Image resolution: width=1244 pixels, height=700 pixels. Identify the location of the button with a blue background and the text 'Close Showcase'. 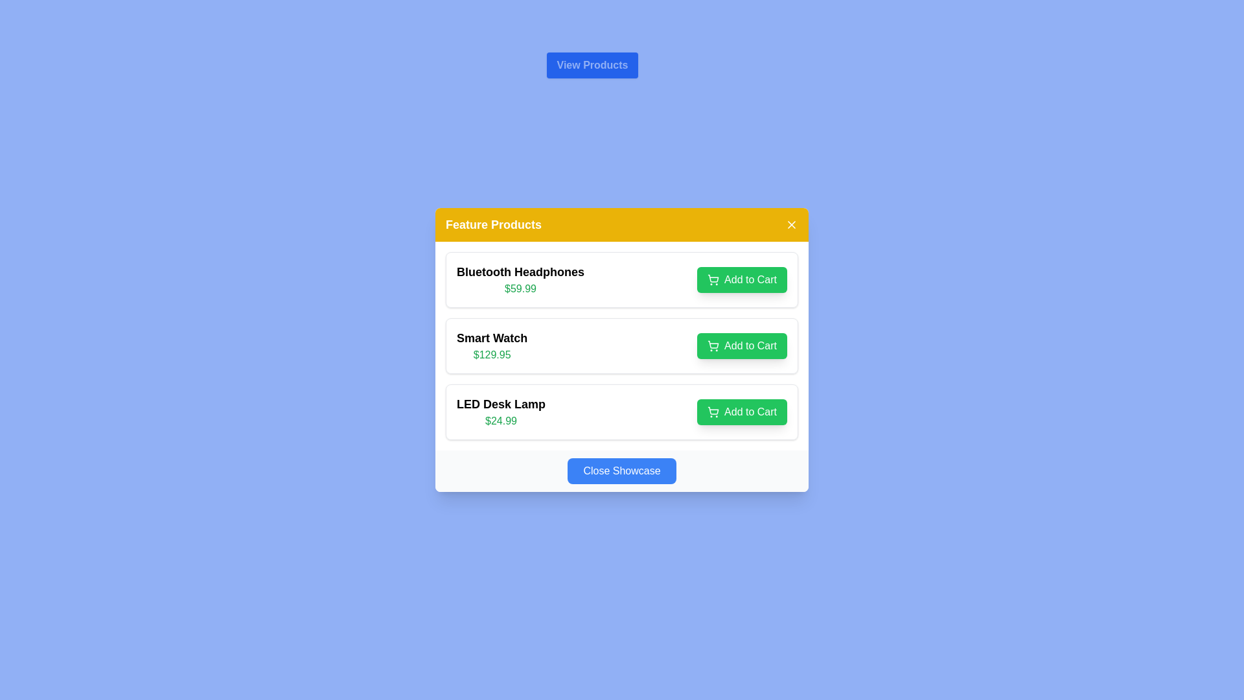
(622, 471).